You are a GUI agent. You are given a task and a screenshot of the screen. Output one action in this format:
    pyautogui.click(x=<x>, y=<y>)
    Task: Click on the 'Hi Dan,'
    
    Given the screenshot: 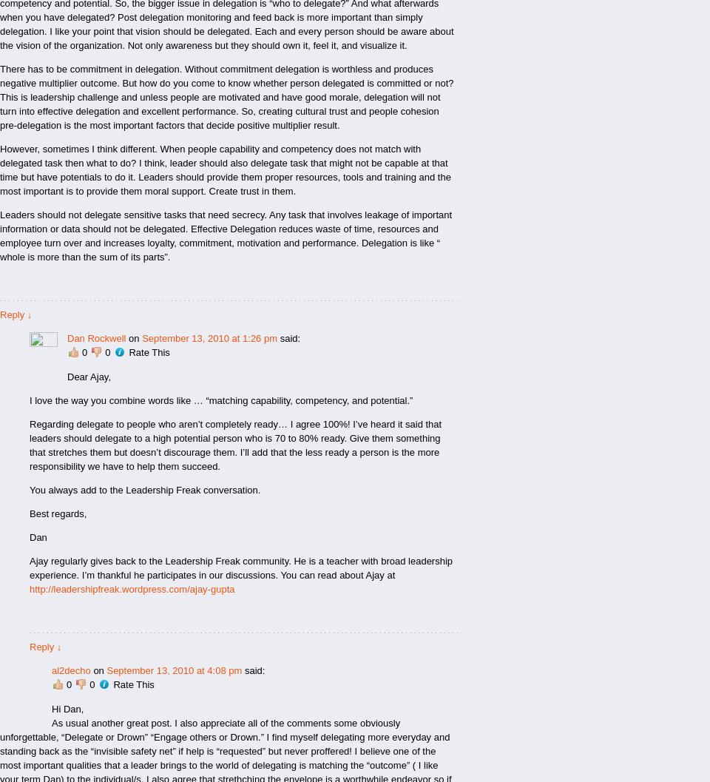 What is the action you would take?
    pyautogui.click(x=67, y=709)
    